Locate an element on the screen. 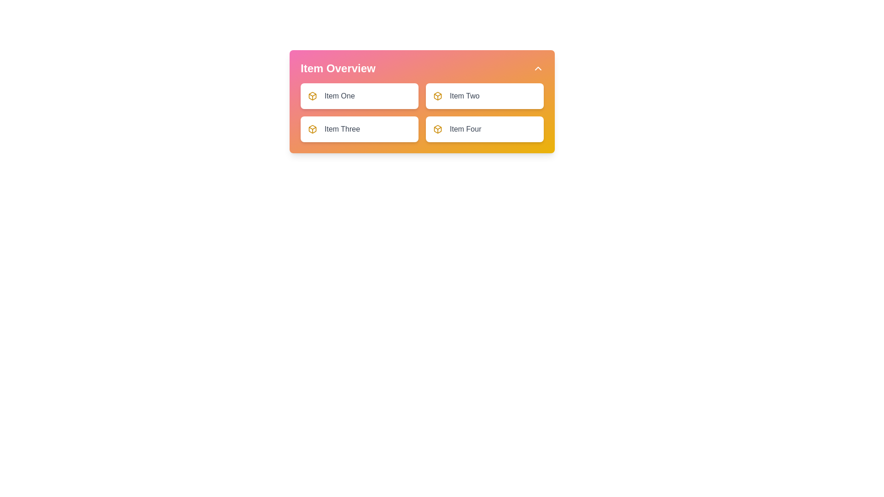  the icon representing 'Item Two' located in the top-right part of the item grid under 'Item Overview'. This icon is directly to the left of 'Item Two' is located at coordinates (437, 96).